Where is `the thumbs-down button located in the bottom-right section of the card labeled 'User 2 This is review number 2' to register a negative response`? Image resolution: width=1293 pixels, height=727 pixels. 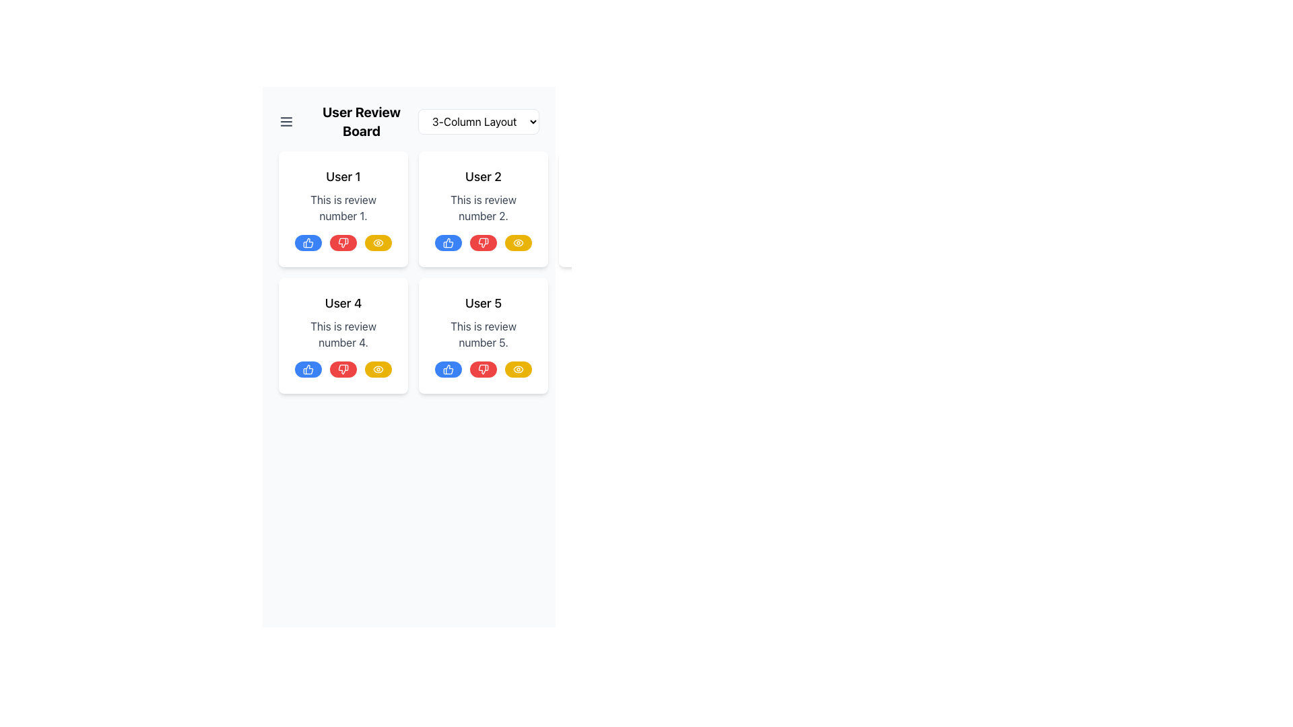
the thumbs-down button located in the bottom-right section of the card labeled 'User 2 This is review number 2' to register a negative response is located at coordinates (484, 243).